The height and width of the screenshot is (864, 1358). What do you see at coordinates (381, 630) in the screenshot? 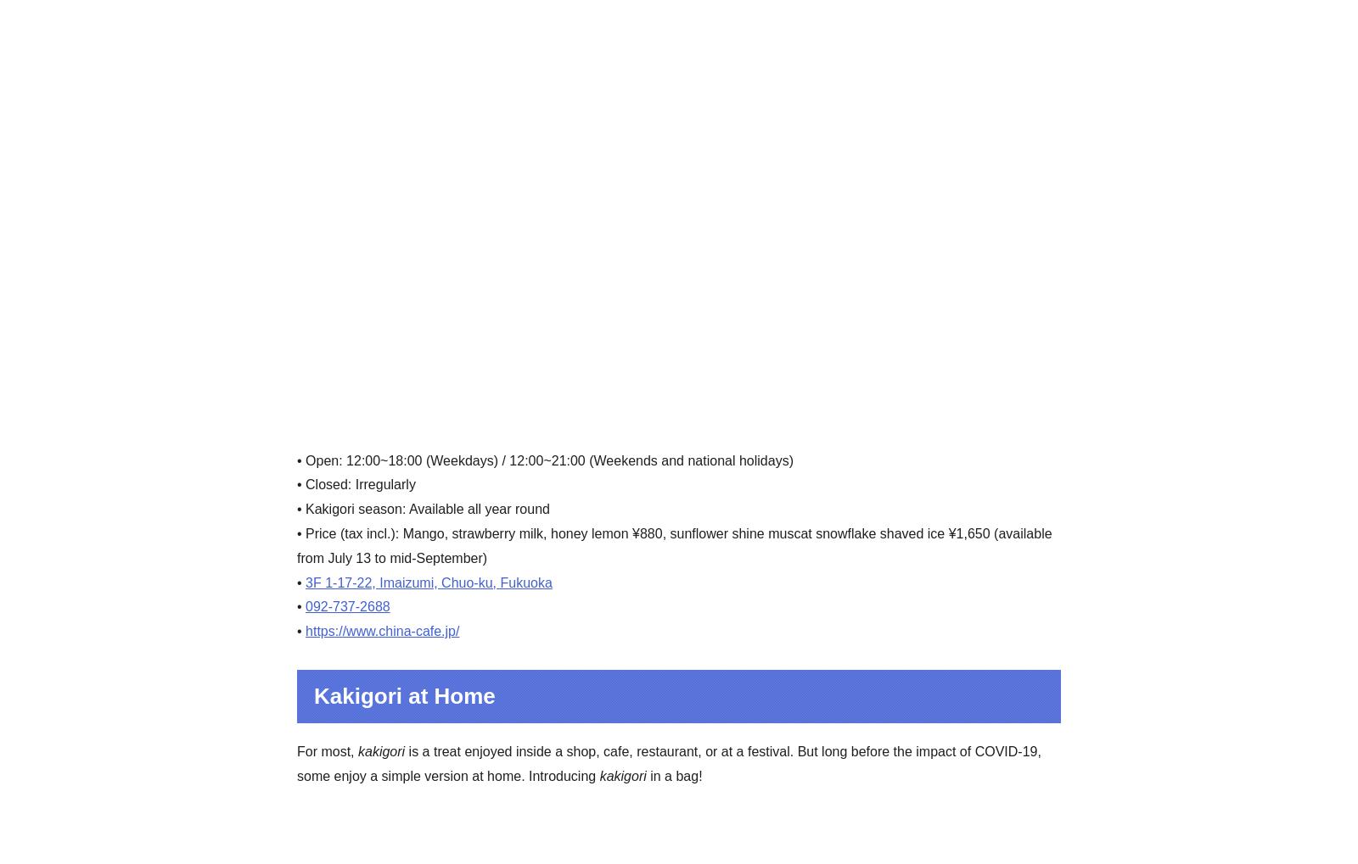
I see `'https://www.china-cafe.jp/'` at bounding box center [381, 630].